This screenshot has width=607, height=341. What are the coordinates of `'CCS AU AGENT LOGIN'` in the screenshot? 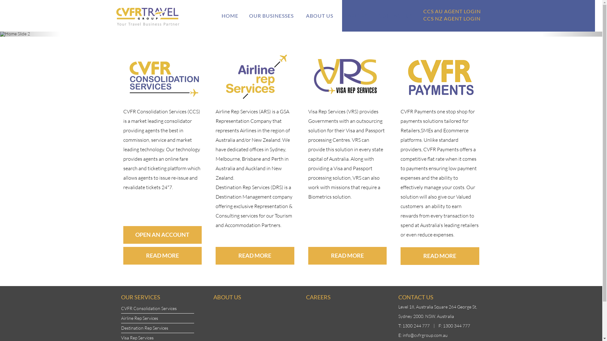 It's located at (452, 11).